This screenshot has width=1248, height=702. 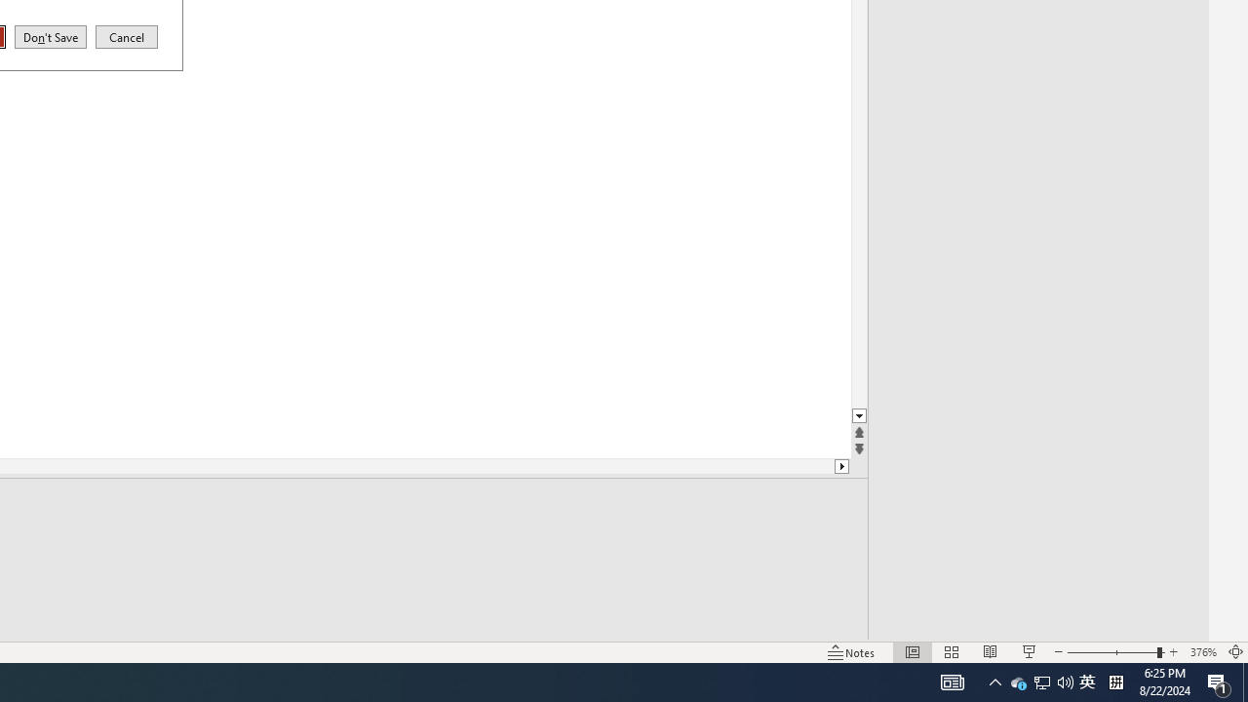 I want to click on 'Cancel', so click(x=126, y=36).